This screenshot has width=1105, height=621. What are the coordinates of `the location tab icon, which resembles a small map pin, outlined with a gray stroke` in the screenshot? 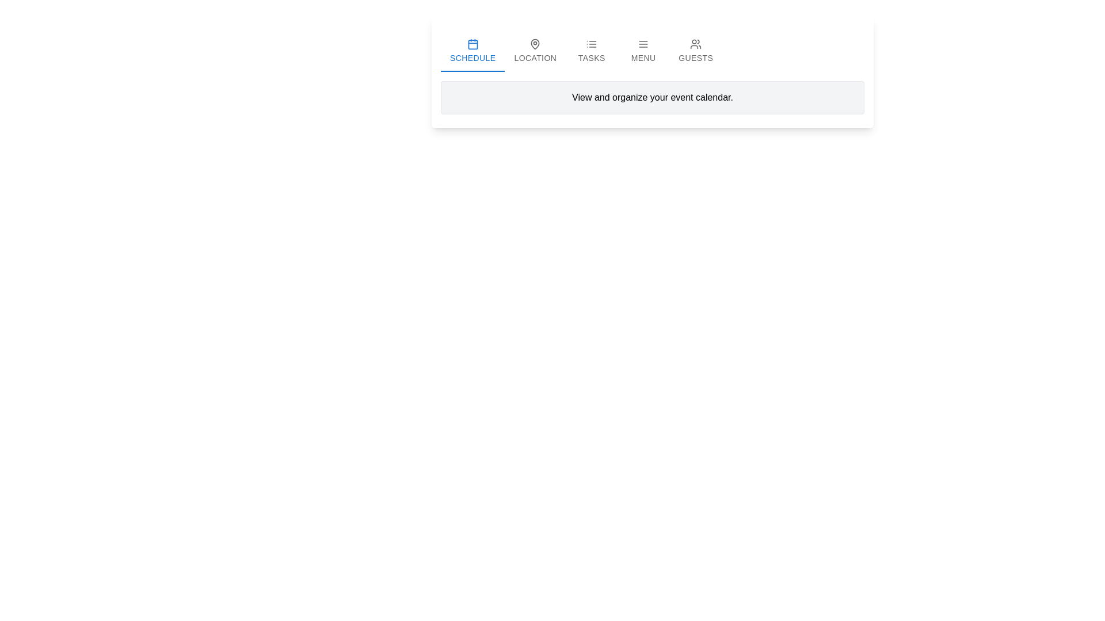 It's located at (535, 44).